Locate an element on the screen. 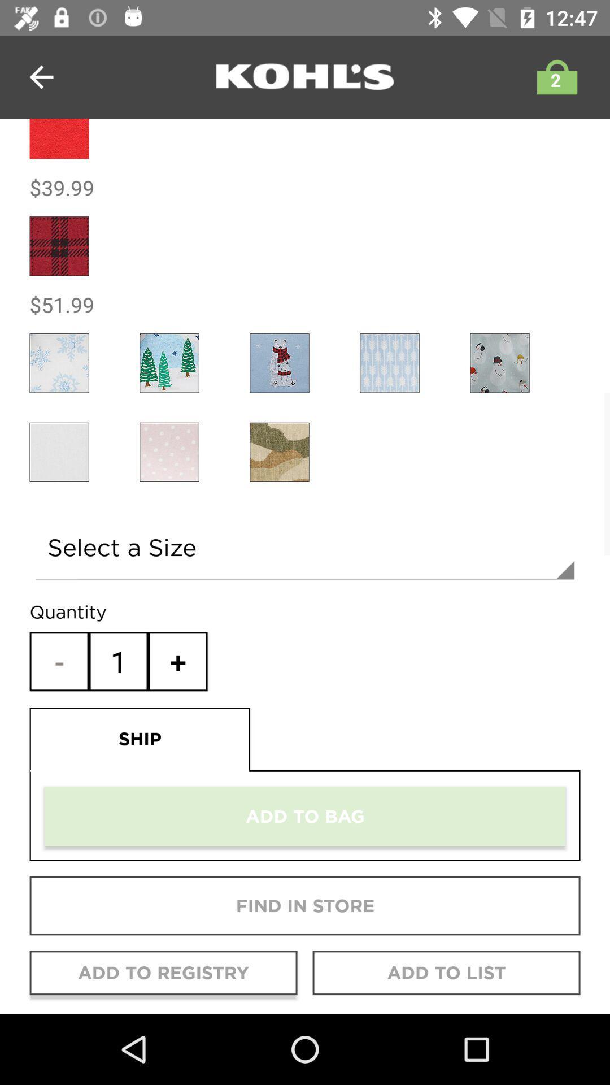 This screenshot has height=1085, width=610. the star icon is located at coordinates (59, 363).